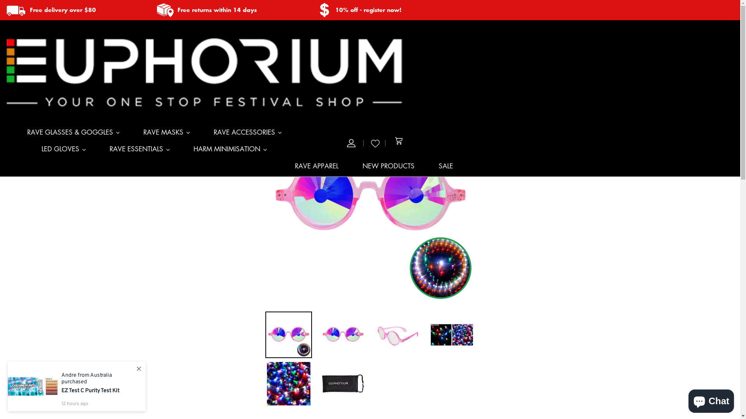 Image resolution: width=746 pixels, height=419 pixels. Describe the element at coordinates (438, 168) in the screenshot. I see `'SALE'` at that location.